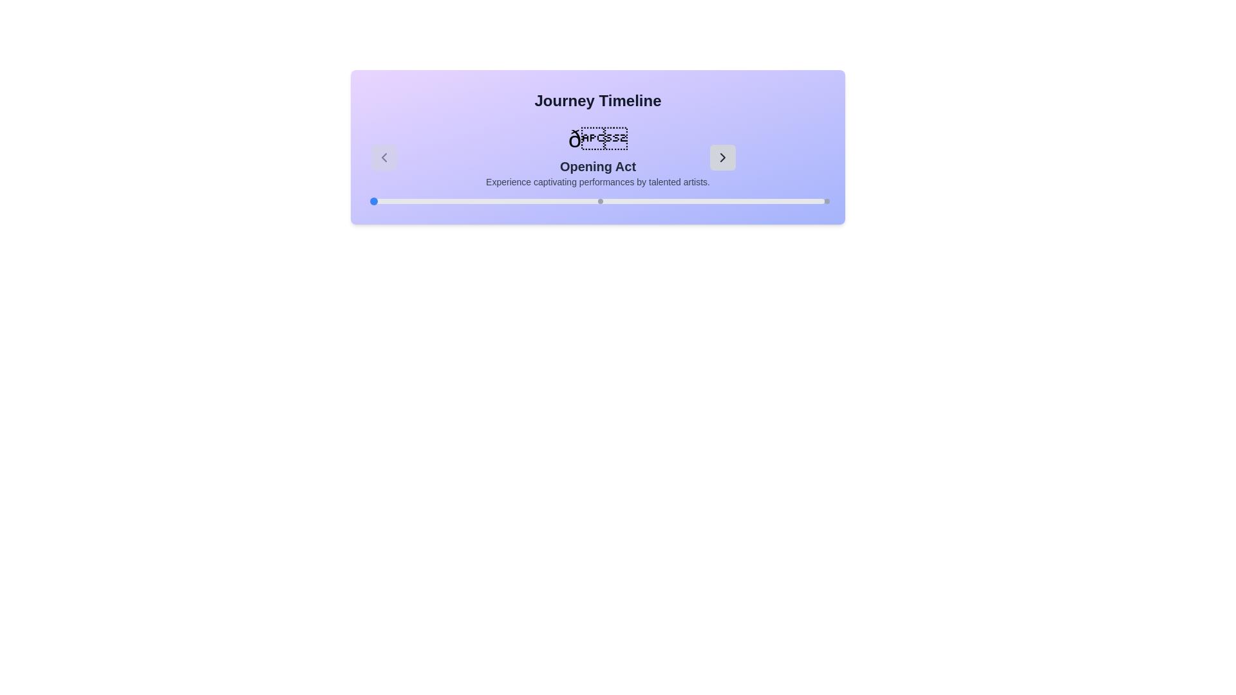 The image size is (1236, 695). Describe the element at coordinates (597, 181) in the screenshot. I see `the supportive descriptive caption text element located at the bottom of the 'Opening Act' section` at that location.